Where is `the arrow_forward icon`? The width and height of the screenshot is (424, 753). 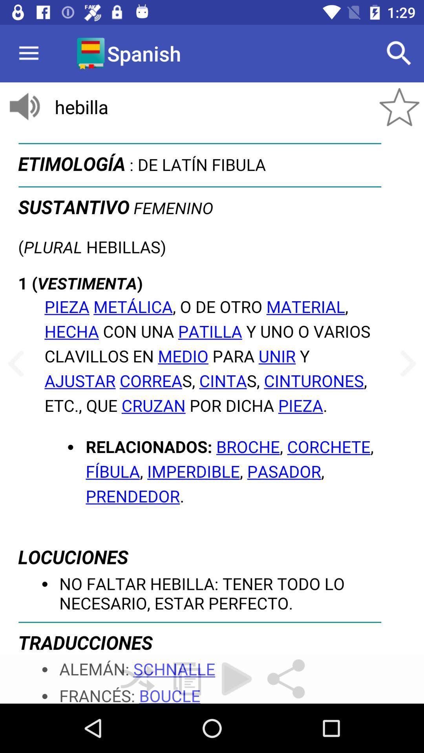
the arrow_forward icon is located at coordinates (405, 364).